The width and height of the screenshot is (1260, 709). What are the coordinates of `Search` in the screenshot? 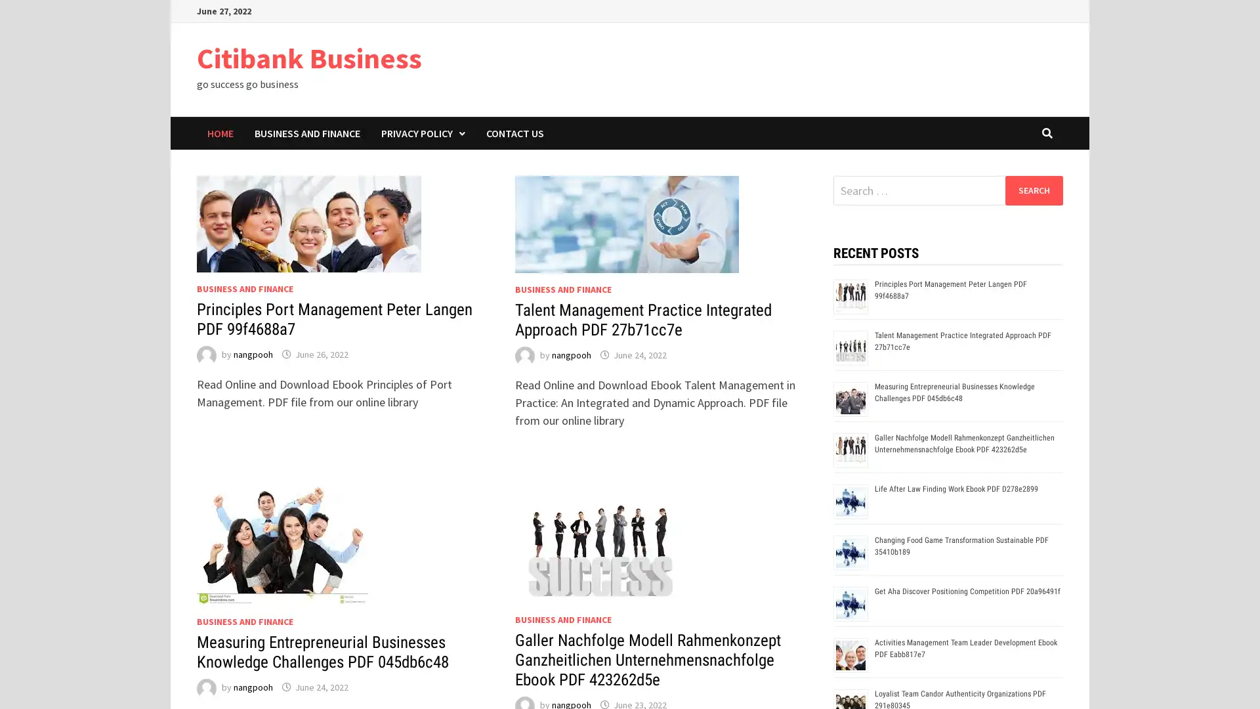 It's located at (1033, 190).